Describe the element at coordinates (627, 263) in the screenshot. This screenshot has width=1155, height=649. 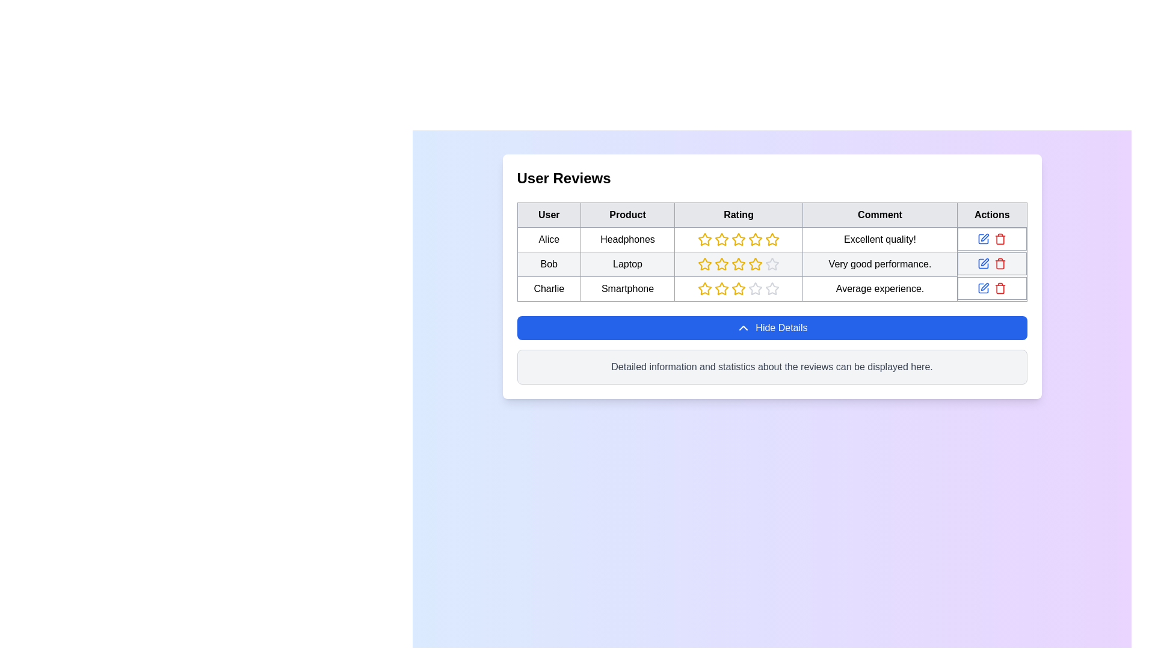
I see `the Text display label in the 'Product' column of the table in the second row associated with the user 'Bob'` at that location.